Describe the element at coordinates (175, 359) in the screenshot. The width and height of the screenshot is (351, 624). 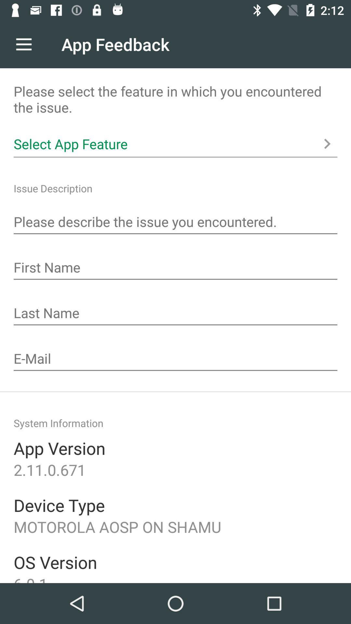
I see `input e-mail address` at that location.